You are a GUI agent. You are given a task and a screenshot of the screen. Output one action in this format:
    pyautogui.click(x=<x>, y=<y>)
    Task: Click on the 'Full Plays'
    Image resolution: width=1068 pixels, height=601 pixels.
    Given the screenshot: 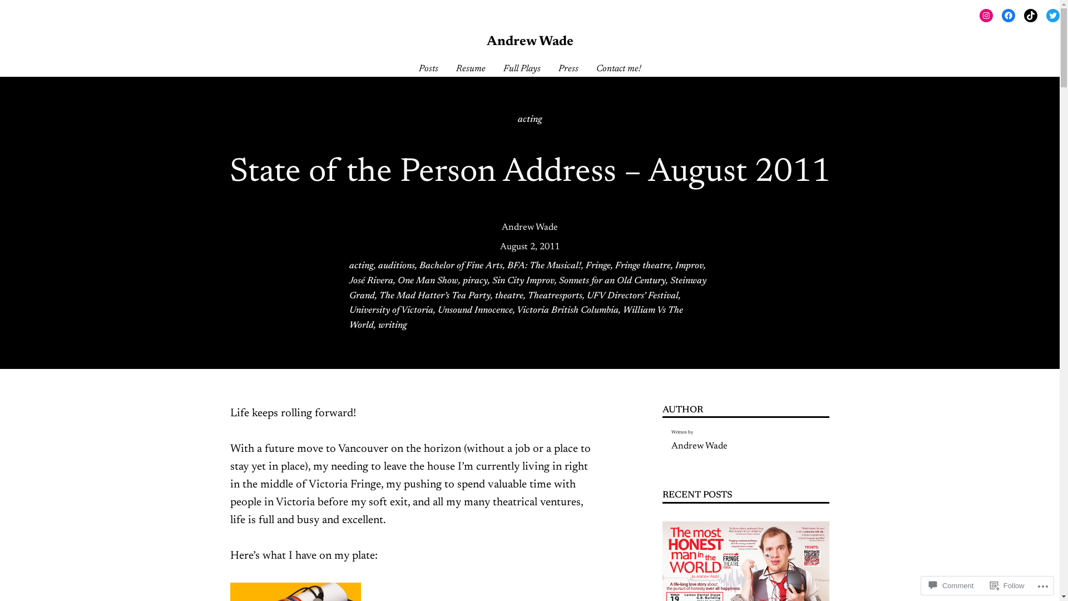 What is the action you would take?
    pyautogui.click(x=503, y=69)
    